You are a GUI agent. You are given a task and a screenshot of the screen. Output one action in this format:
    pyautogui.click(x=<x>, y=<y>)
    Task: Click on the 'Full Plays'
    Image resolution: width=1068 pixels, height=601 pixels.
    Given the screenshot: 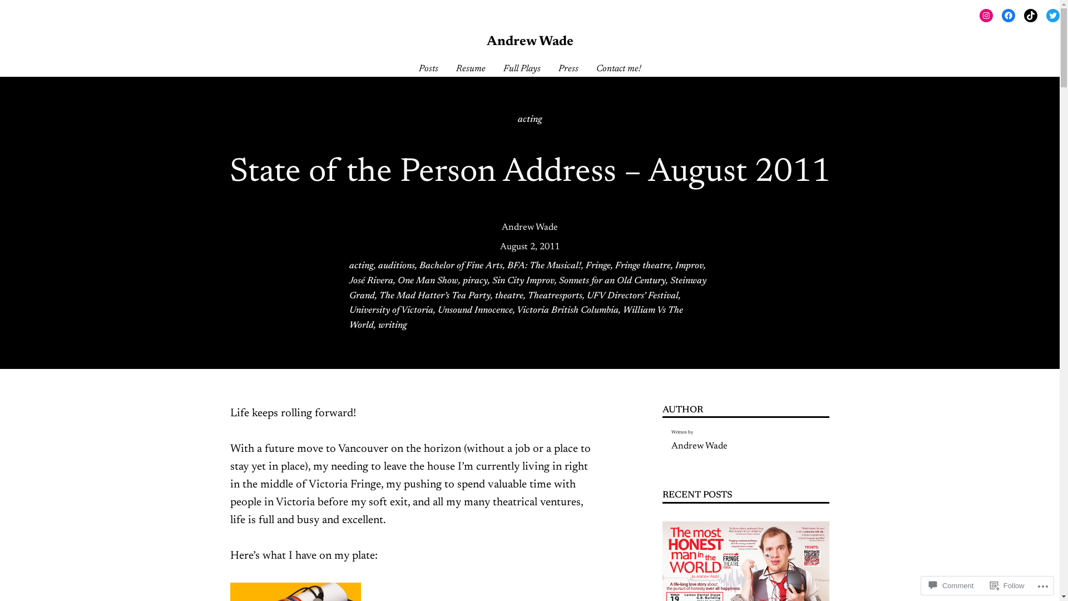 What is the action you would take?
    pyautogui.click(x=503, y=69)
    